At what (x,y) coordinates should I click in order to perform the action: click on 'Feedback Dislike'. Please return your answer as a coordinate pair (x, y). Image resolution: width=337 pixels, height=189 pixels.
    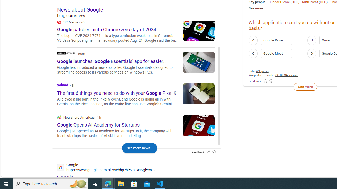
    Looking at the image, I should click on (271, 81).